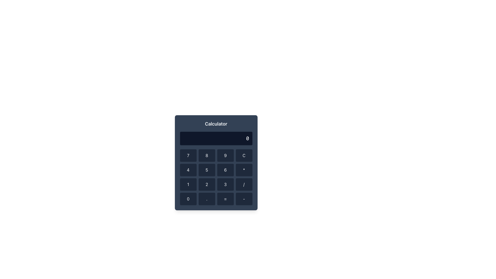  Describe the element at coordinates (244, 184) in the screenshot. I see `the division operator button located in the fourth column and third row of the calculator interface to input the division operator` at that location.